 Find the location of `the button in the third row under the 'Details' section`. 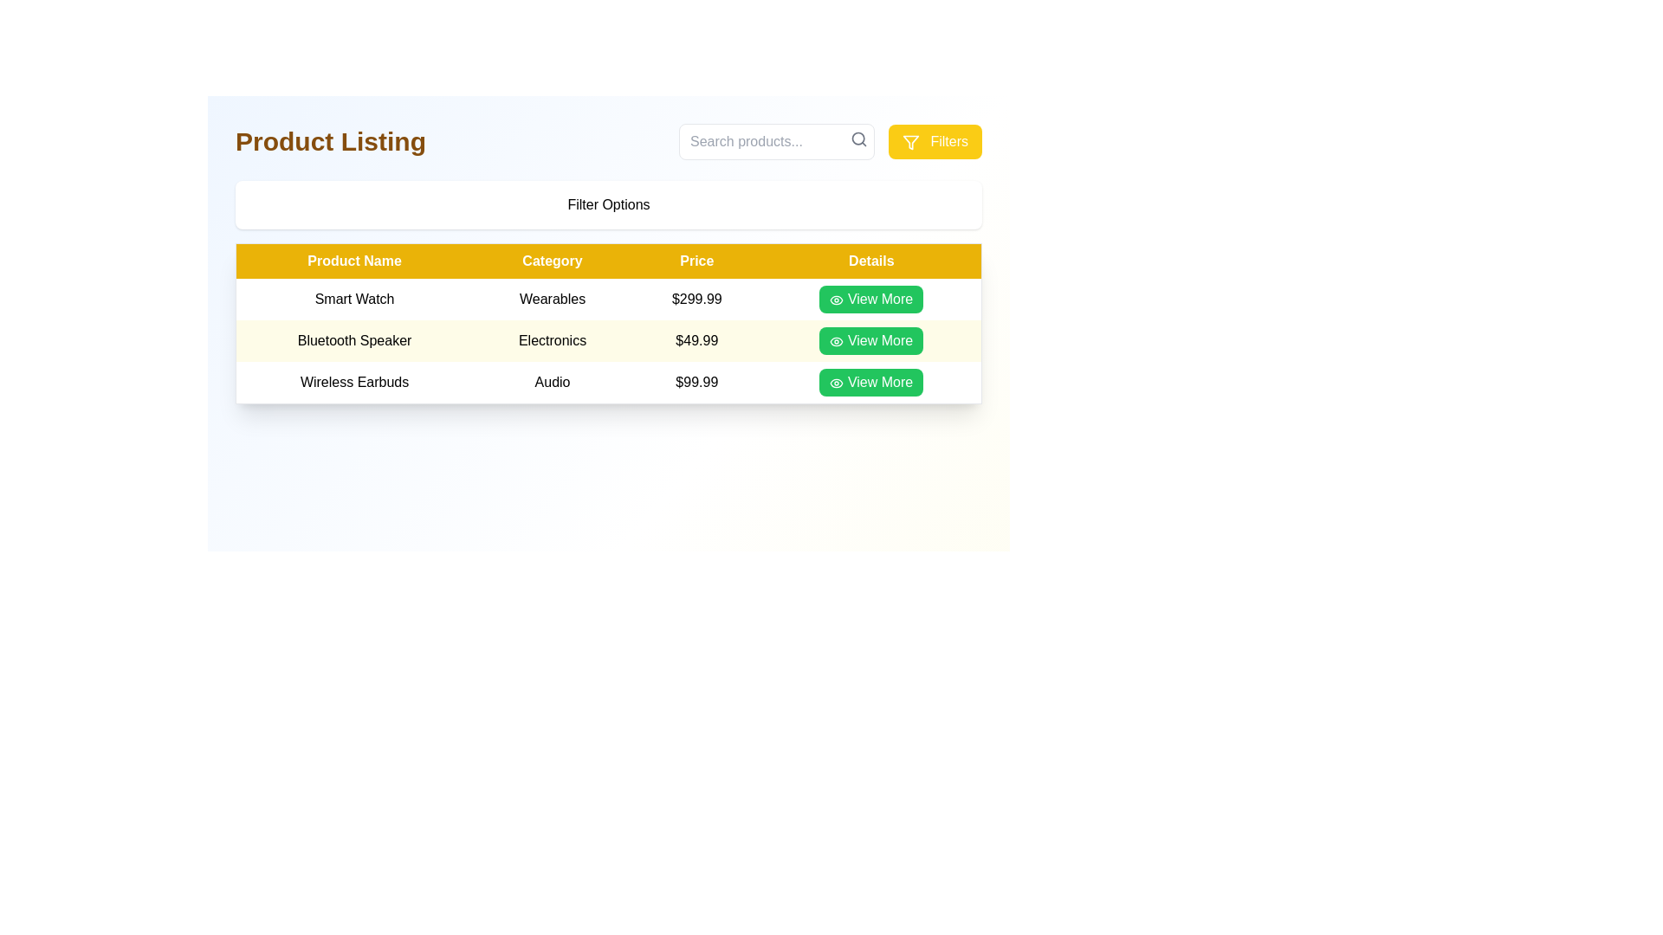

the button in the third row under the 'Details' section is located at coordinates (871, 382).